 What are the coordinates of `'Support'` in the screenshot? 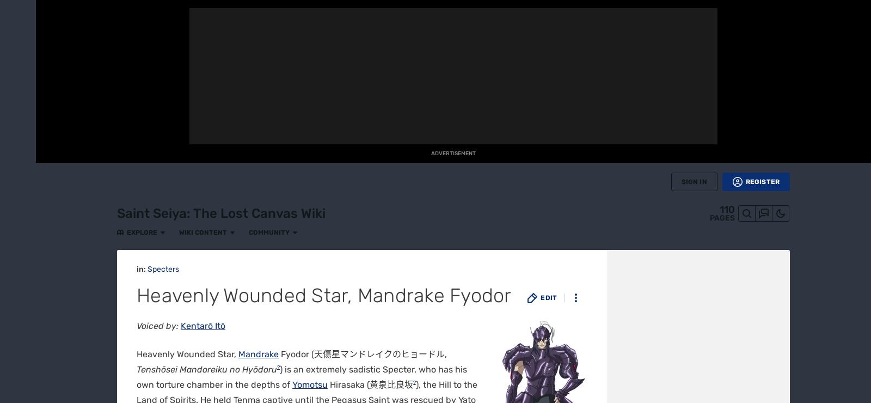 It's located at (458, 395).